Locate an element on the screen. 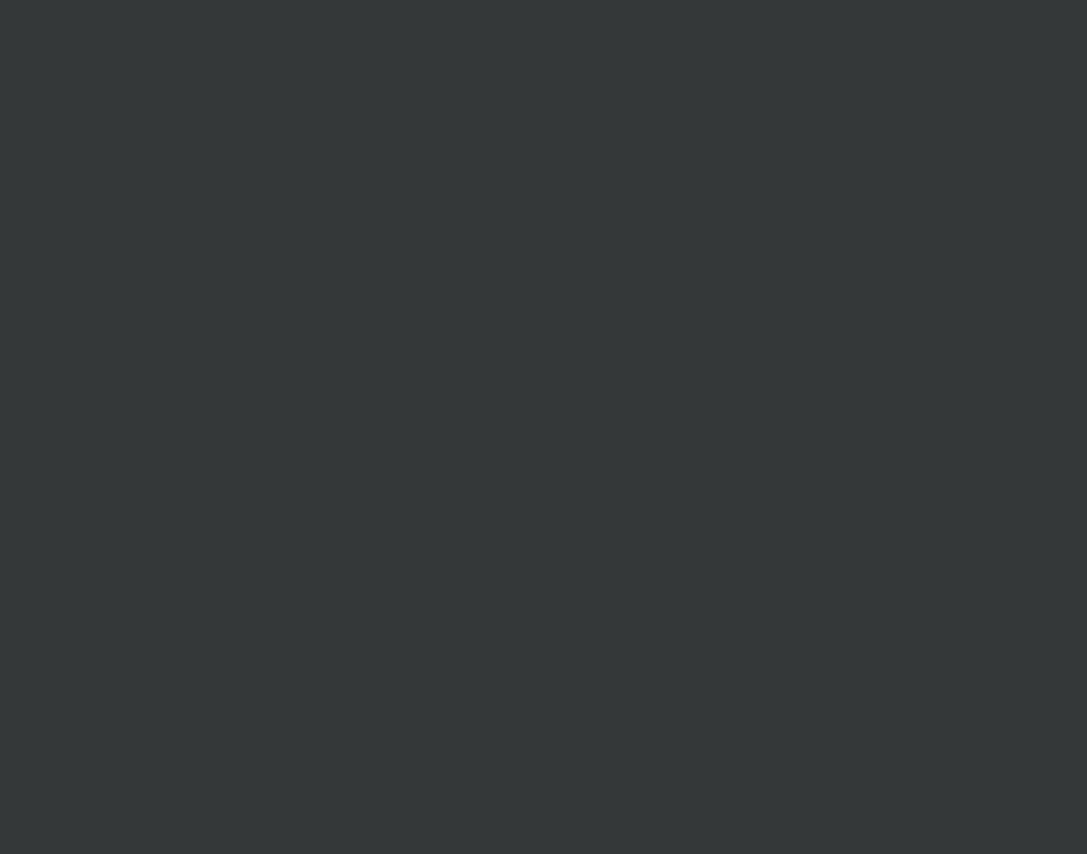  'What book did you NOT enjoy?' is located at coordinates (502, 41).